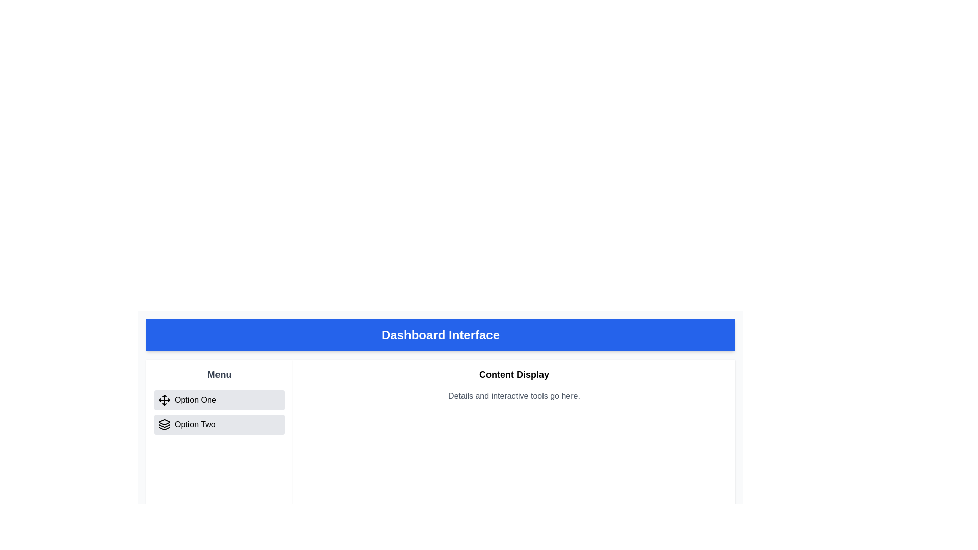  Describe the element at coordinates (440, 335) in the screenshot. I see `static text label that identifies the page as 'Dashboard Interface', located in the blue header section at the top of the content area` at that location.